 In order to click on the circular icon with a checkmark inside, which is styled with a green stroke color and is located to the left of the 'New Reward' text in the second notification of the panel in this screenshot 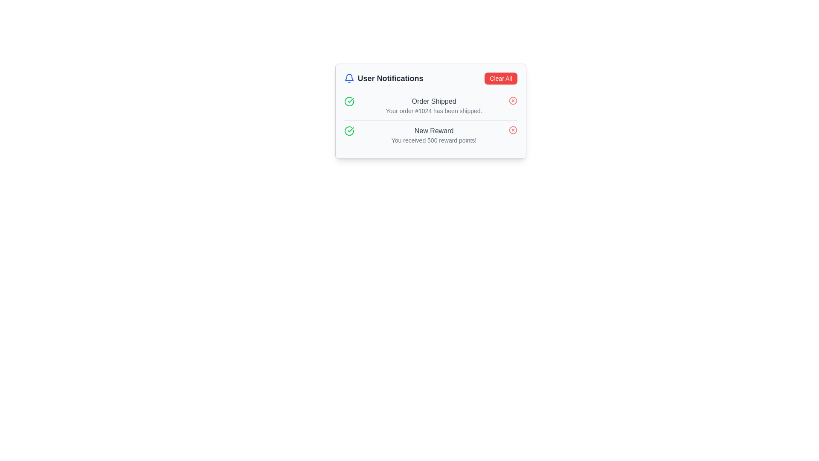, I will do `click(349, 131)`.